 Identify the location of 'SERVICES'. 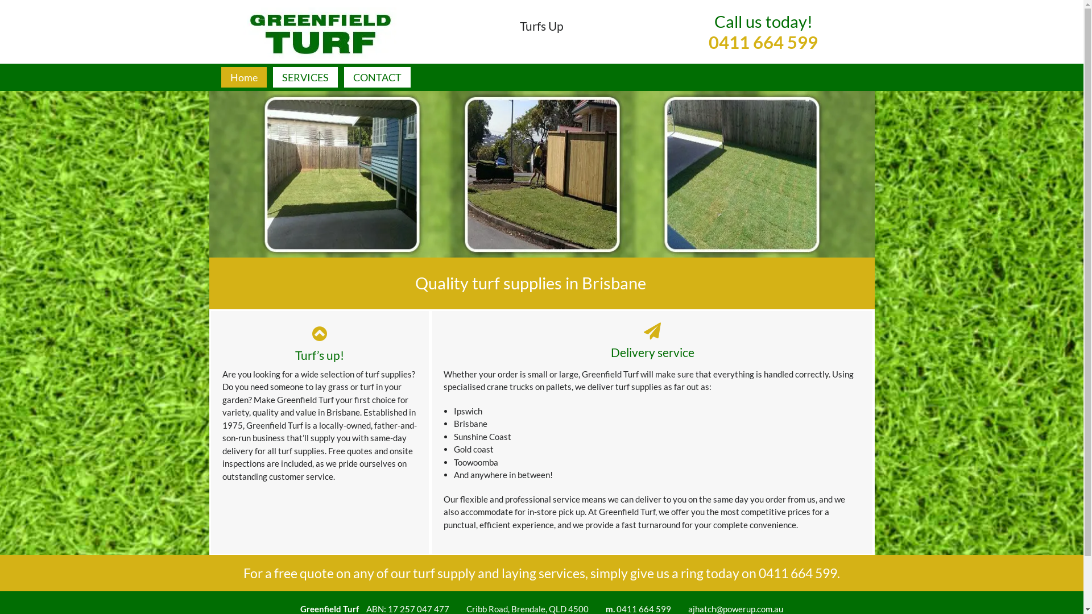
(273, 77).